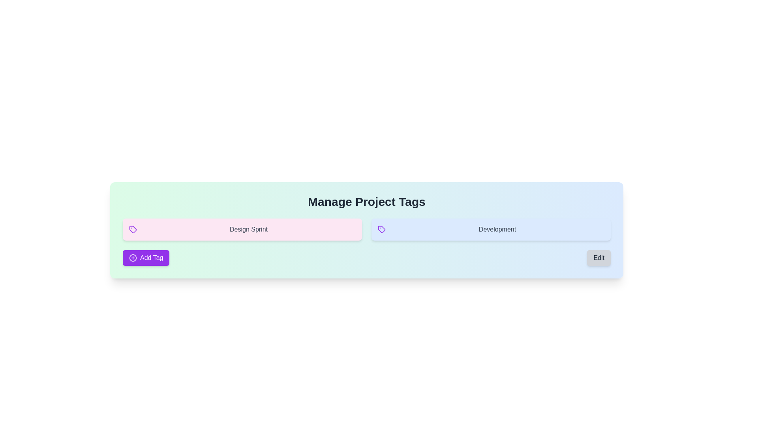  What do you see at coordinates (381, 230) in the screenshot?
I see `the small tag icon with a purple outline, located to the left of the text 'Development', to associate it with the related text` at bounding box center [381, 230].